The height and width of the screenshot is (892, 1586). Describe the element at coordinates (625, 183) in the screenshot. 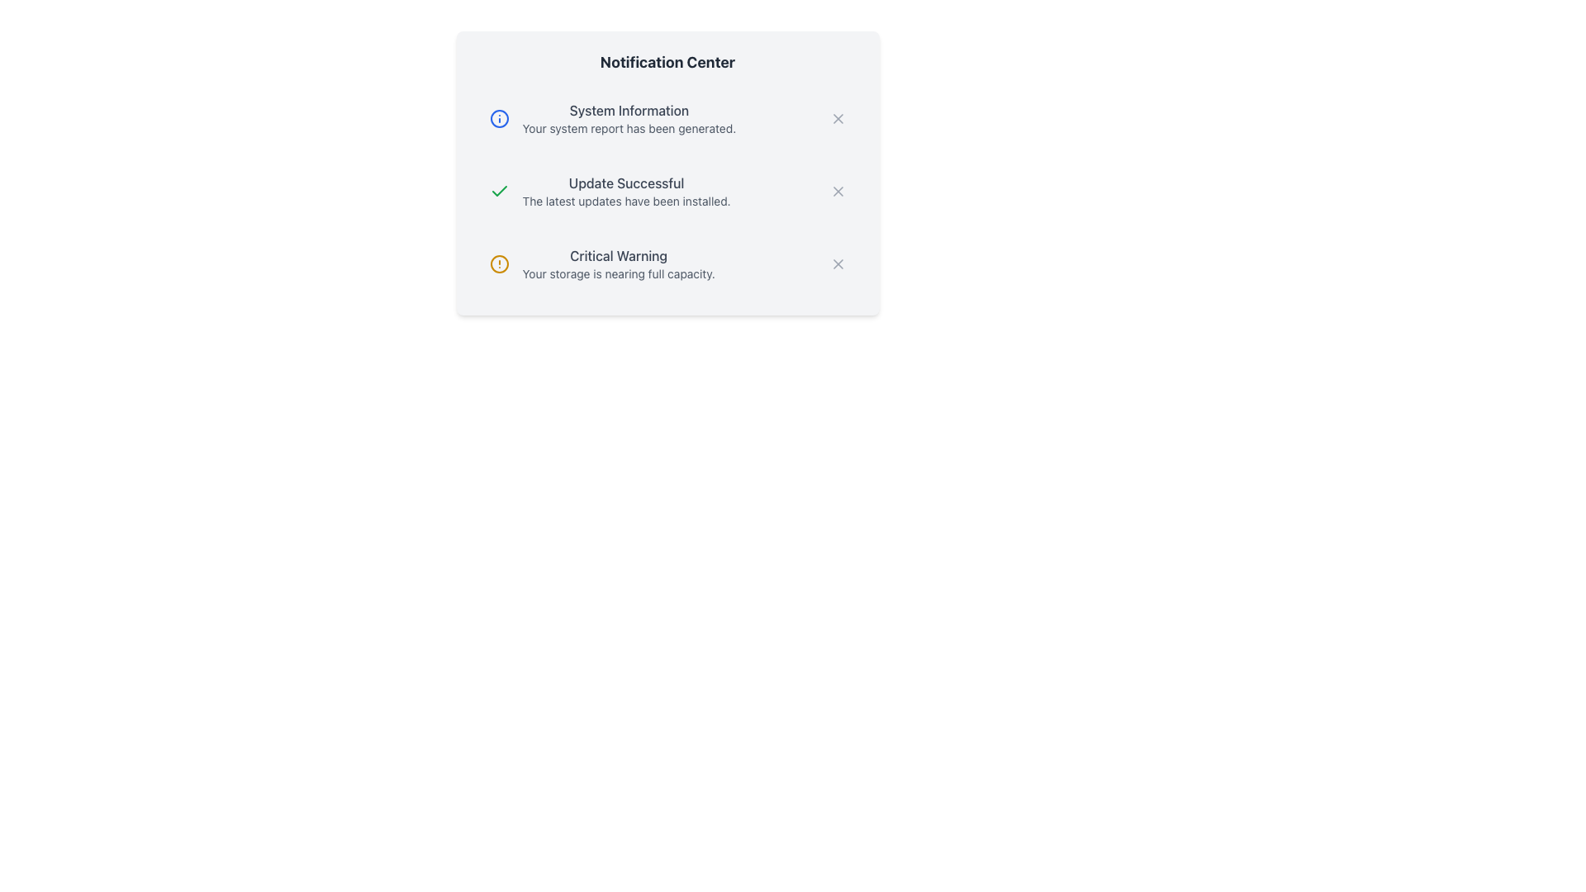

I see `the static text label displaying 'Update Successful', which is centrally located in the notification panel and styled with medium font weight and gray color` at that location.